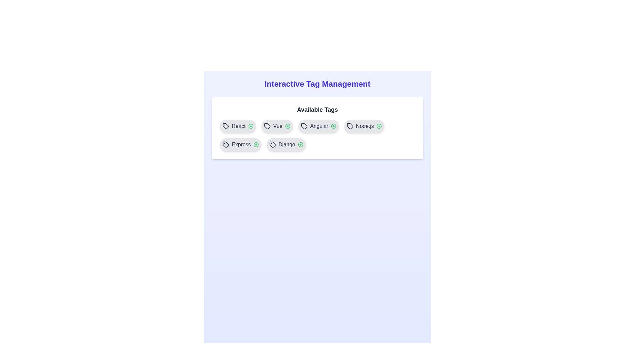 The height and width of the screenshot is (356, 633). What do you see at coordinates (240, 144) in the screenshot?
I see `the 'Express' button, which is the first element in the second row of a horizontal list of selectable tags` at bounding box center [240, 144].